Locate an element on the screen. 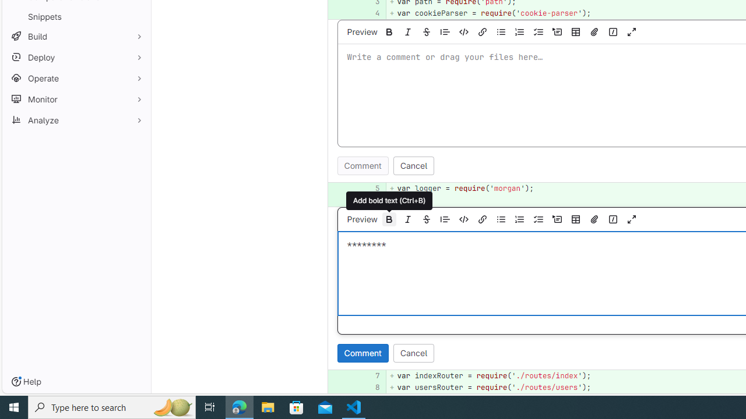 The image size is (746, 419). 'Class: s16 gl-icon gl-button-icon ' is located at coordinates (631, 219).